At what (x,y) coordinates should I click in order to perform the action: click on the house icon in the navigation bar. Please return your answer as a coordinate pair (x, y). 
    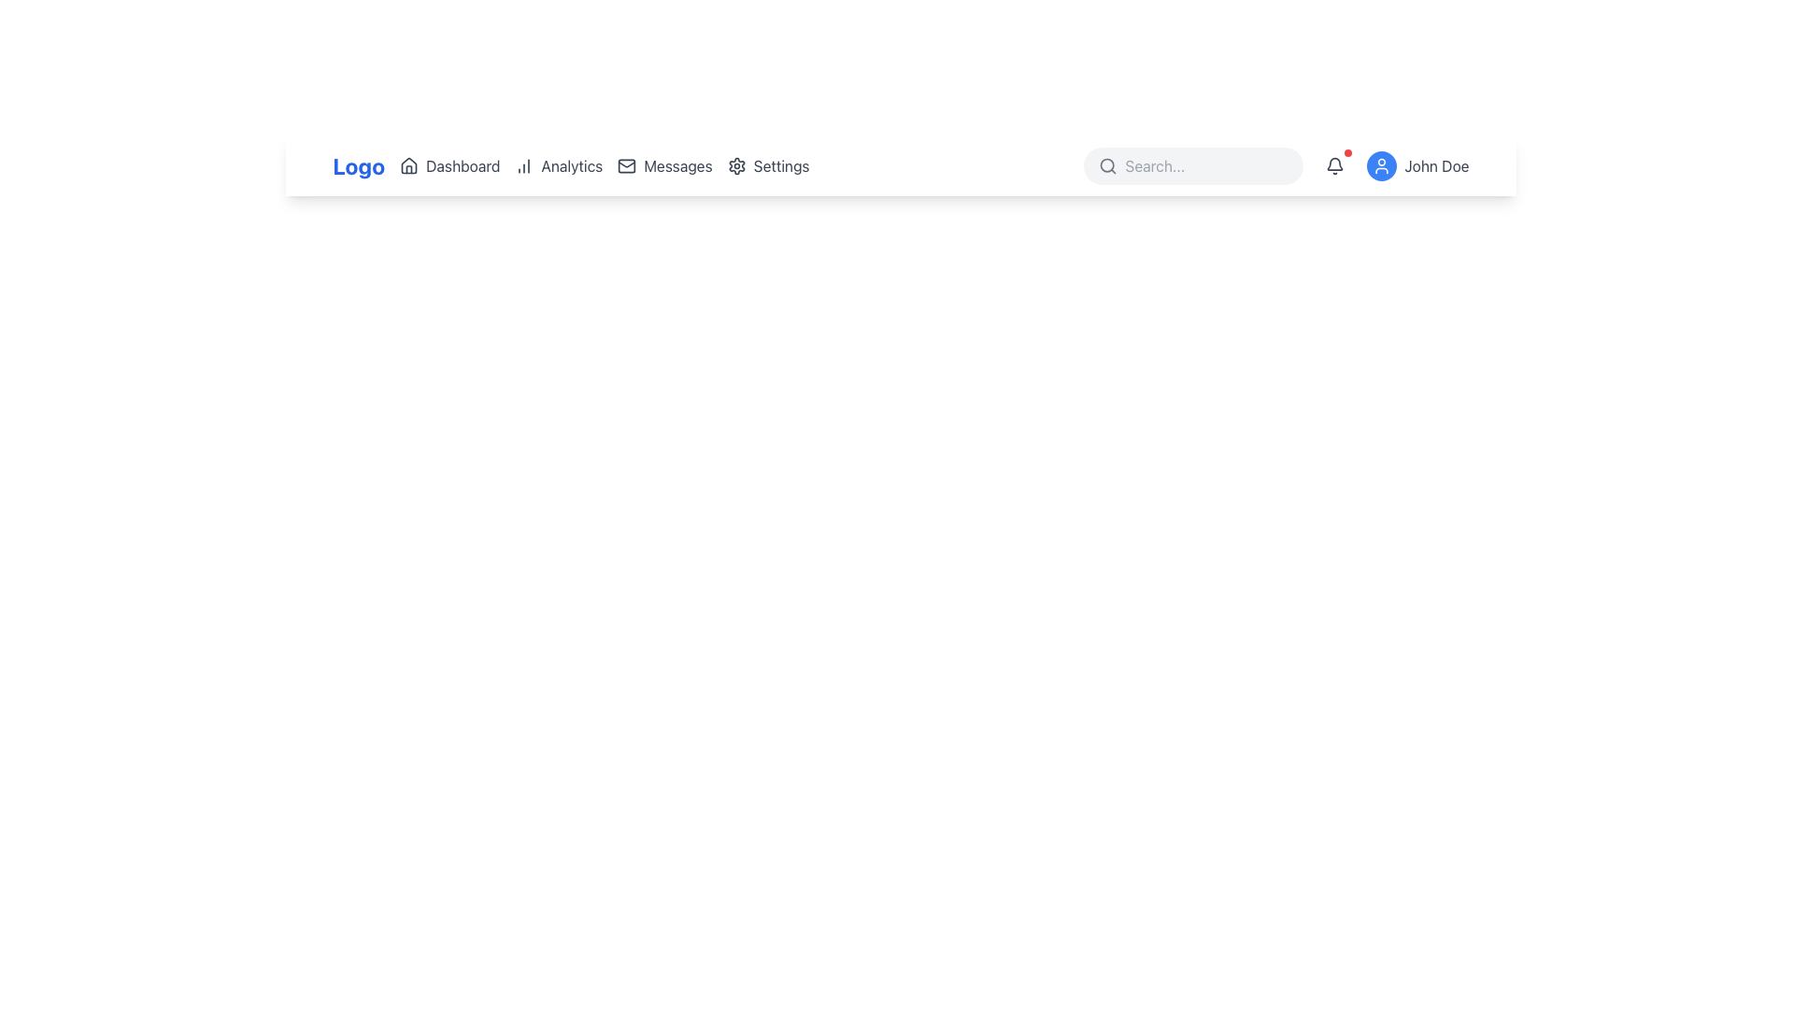
    Looking at the image, I should click on (408, 164).